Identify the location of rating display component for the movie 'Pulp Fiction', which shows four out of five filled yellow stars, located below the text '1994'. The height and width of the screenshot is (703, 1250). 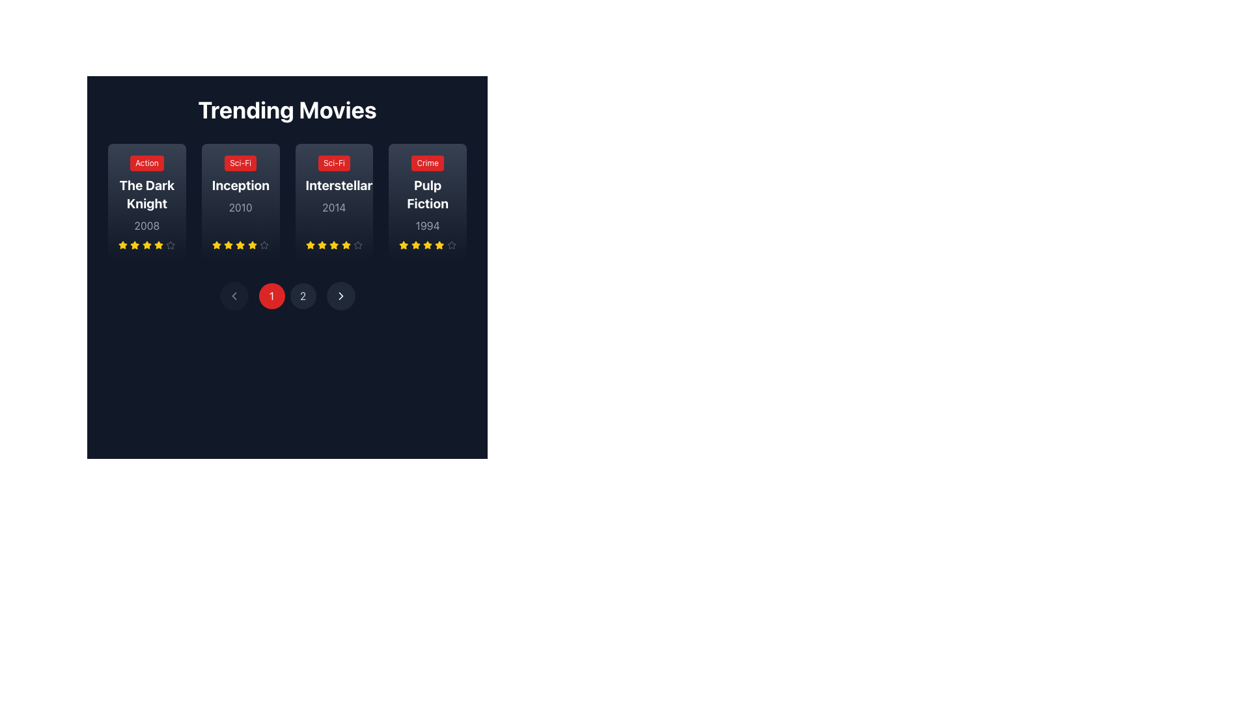
(428, 245).